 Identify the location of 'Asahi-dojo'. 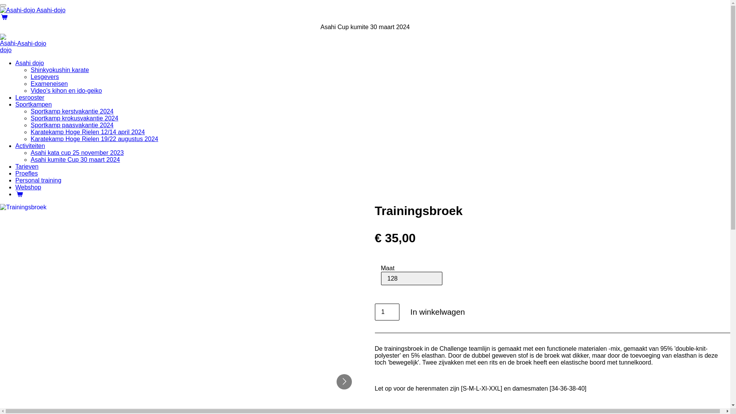
(8, 44).